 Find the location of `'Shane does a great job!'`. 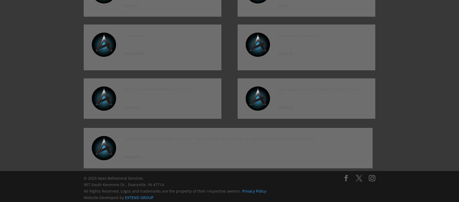

'Shane does a great job!' is located at coordinates (278, 35).